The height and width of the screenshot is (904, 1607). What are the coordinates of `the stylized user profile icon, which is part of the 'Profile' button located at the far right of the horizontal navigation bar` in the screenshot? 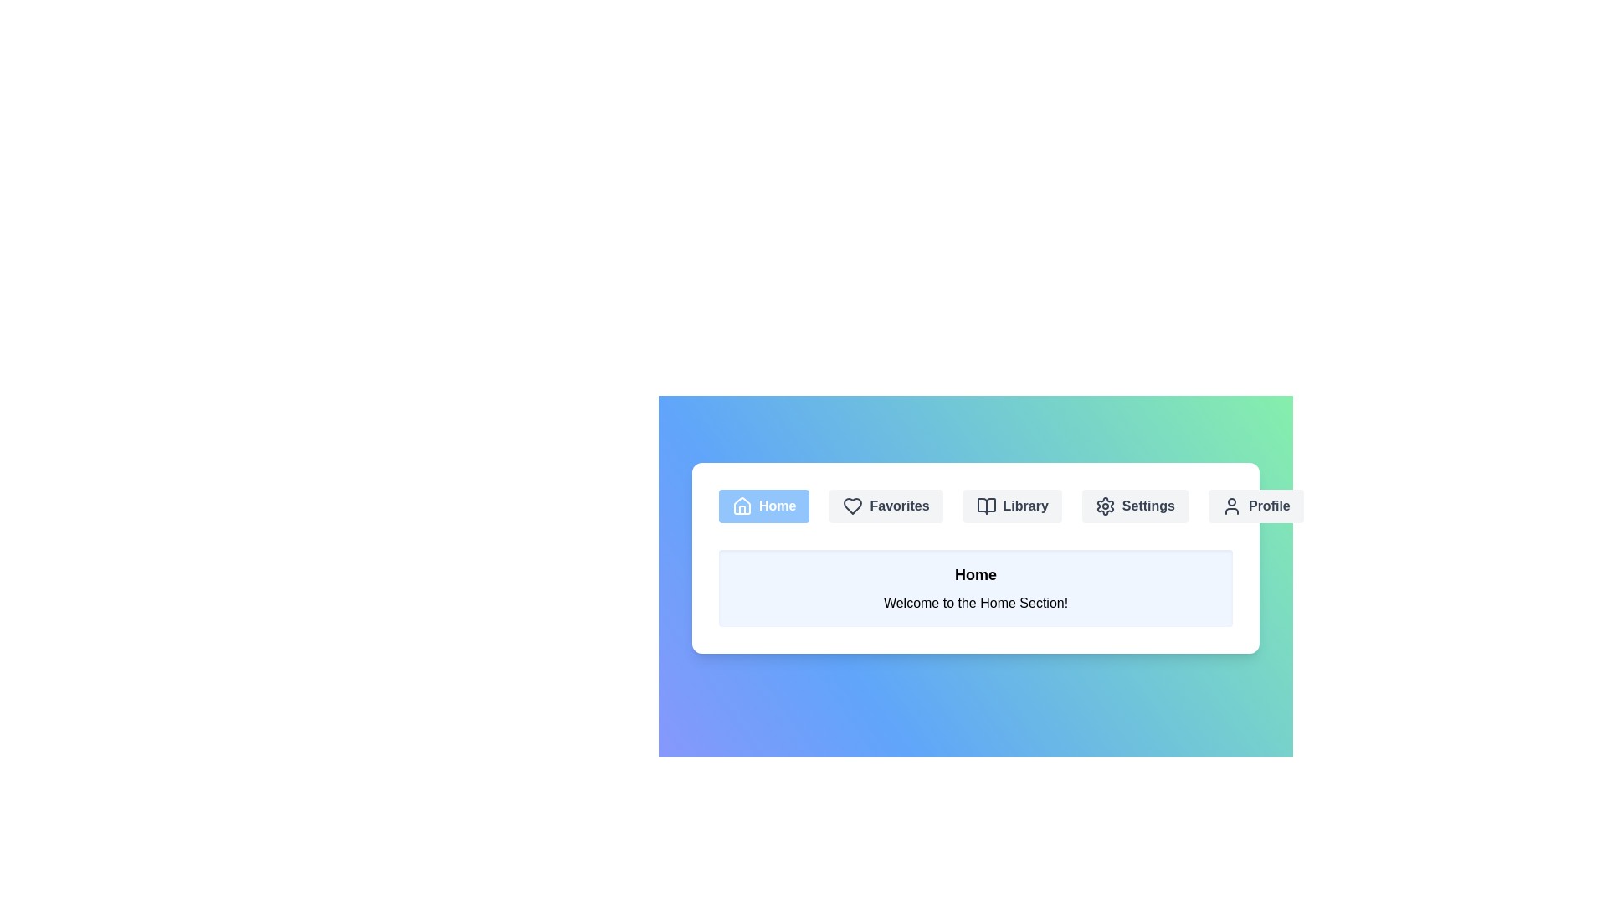 It's located at (1232, 506).